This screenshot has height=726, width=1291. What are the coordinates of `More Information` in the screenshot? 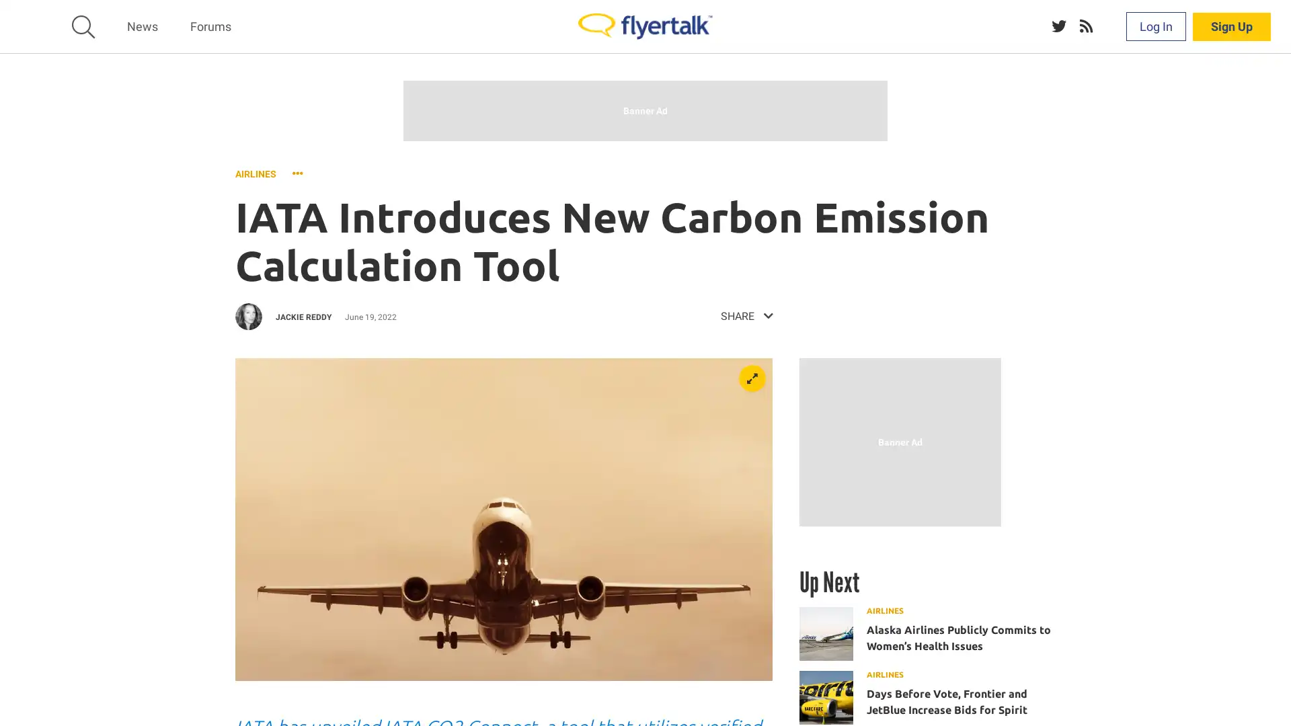 It's located at (757, 699).